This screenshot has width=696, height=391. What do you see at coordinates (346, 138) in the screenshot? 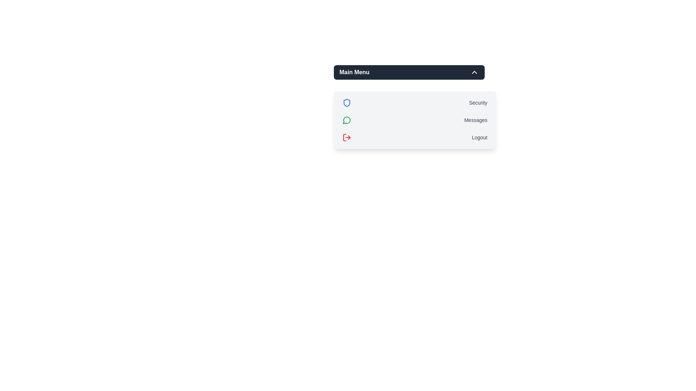
I see `the bold red arrow icon for the 'logout' action located in the dropdown menu, adjacent to the 'Logout' text` at bounding box center [346, 138].